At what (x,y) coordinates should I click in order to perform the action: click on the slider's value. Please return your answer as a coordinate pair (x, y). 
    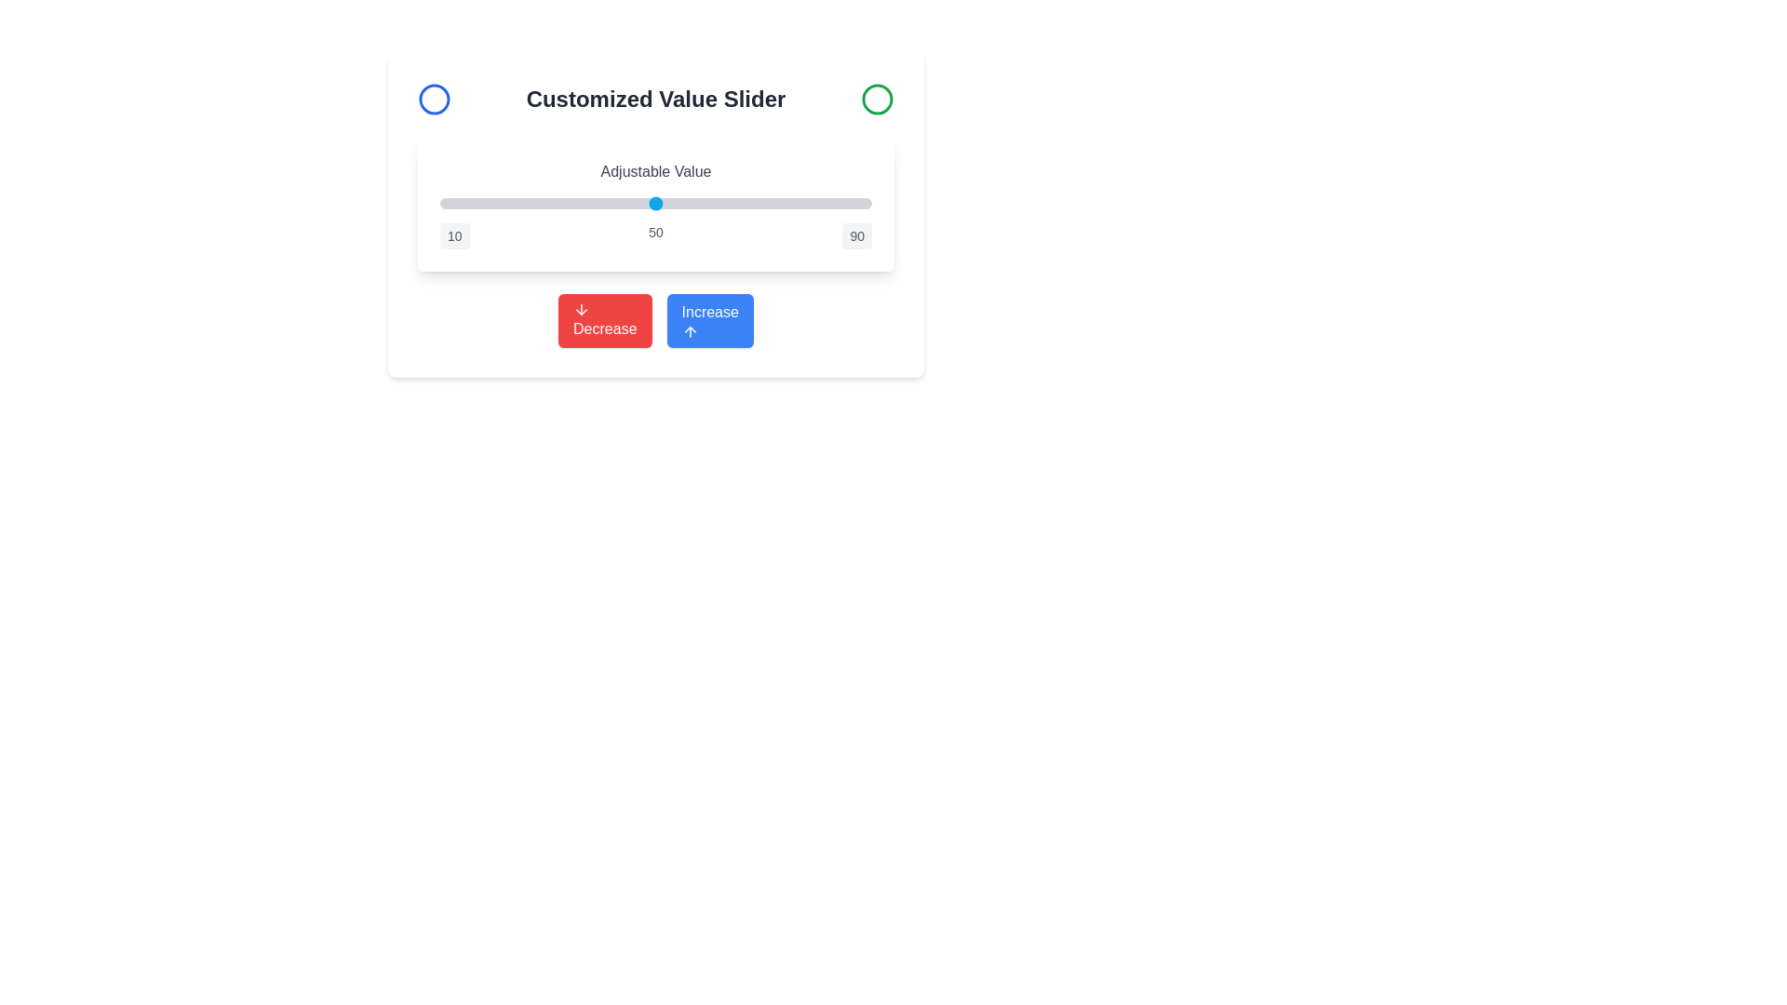
    Looking at the image, I should click on (494, 204).